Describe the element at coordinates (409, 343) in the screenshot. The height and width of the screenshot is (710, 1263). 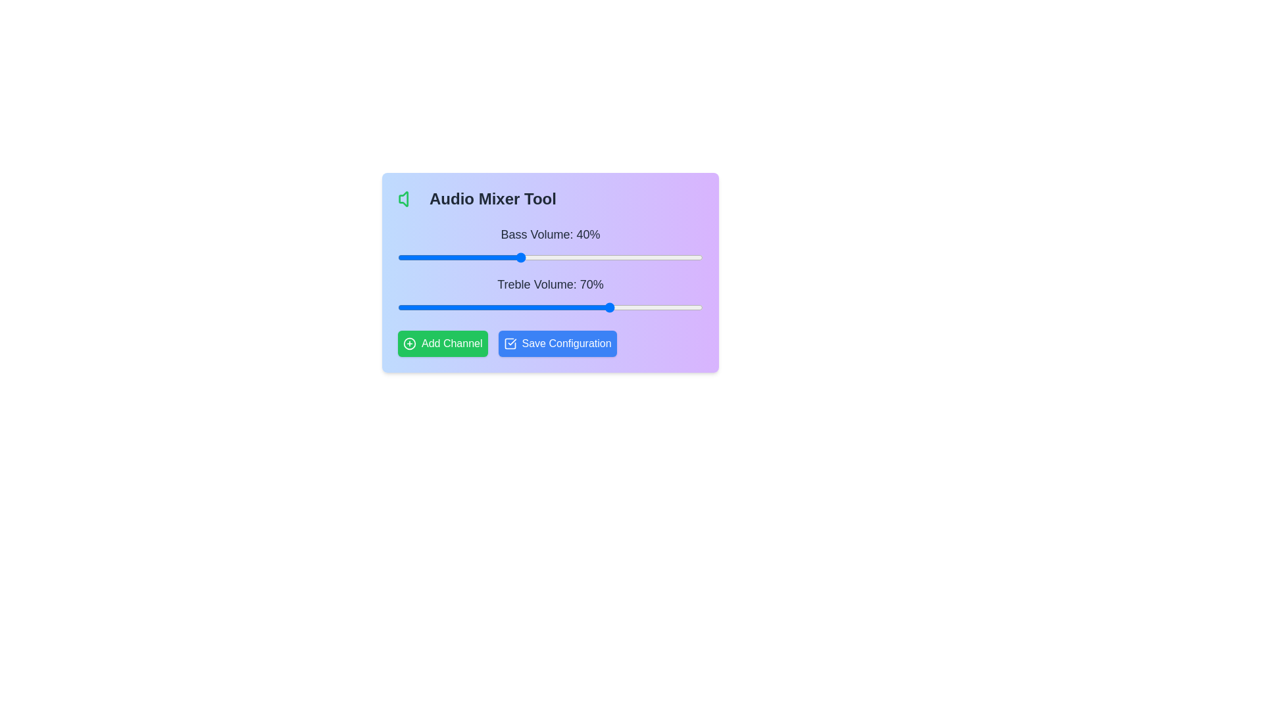
I see `the circular icon with a plus sign located to the left of the 'Add Channel' text inside the green button at the lower left section of the interface` at that location.